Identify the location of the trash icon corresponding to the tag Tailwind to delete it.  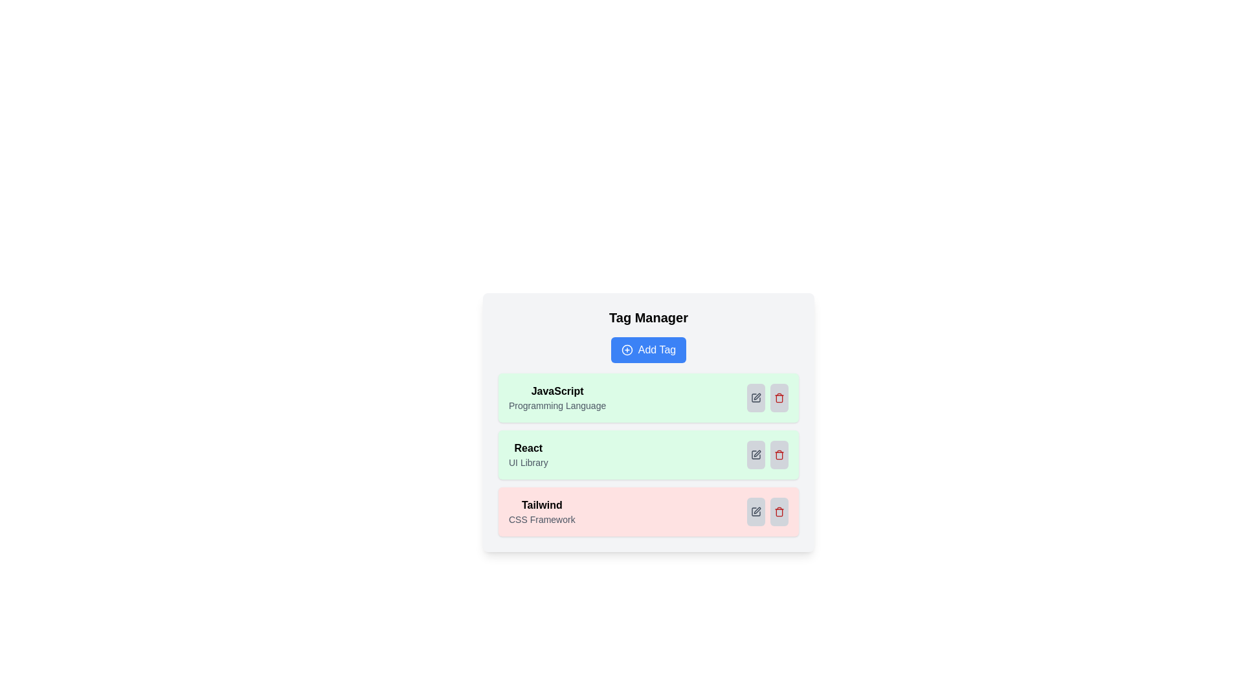
(779, 511).